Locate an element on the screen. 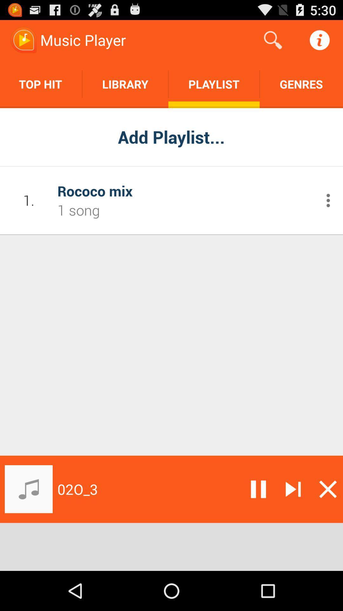  pause the playing of music is located at coordinates (258, 489).